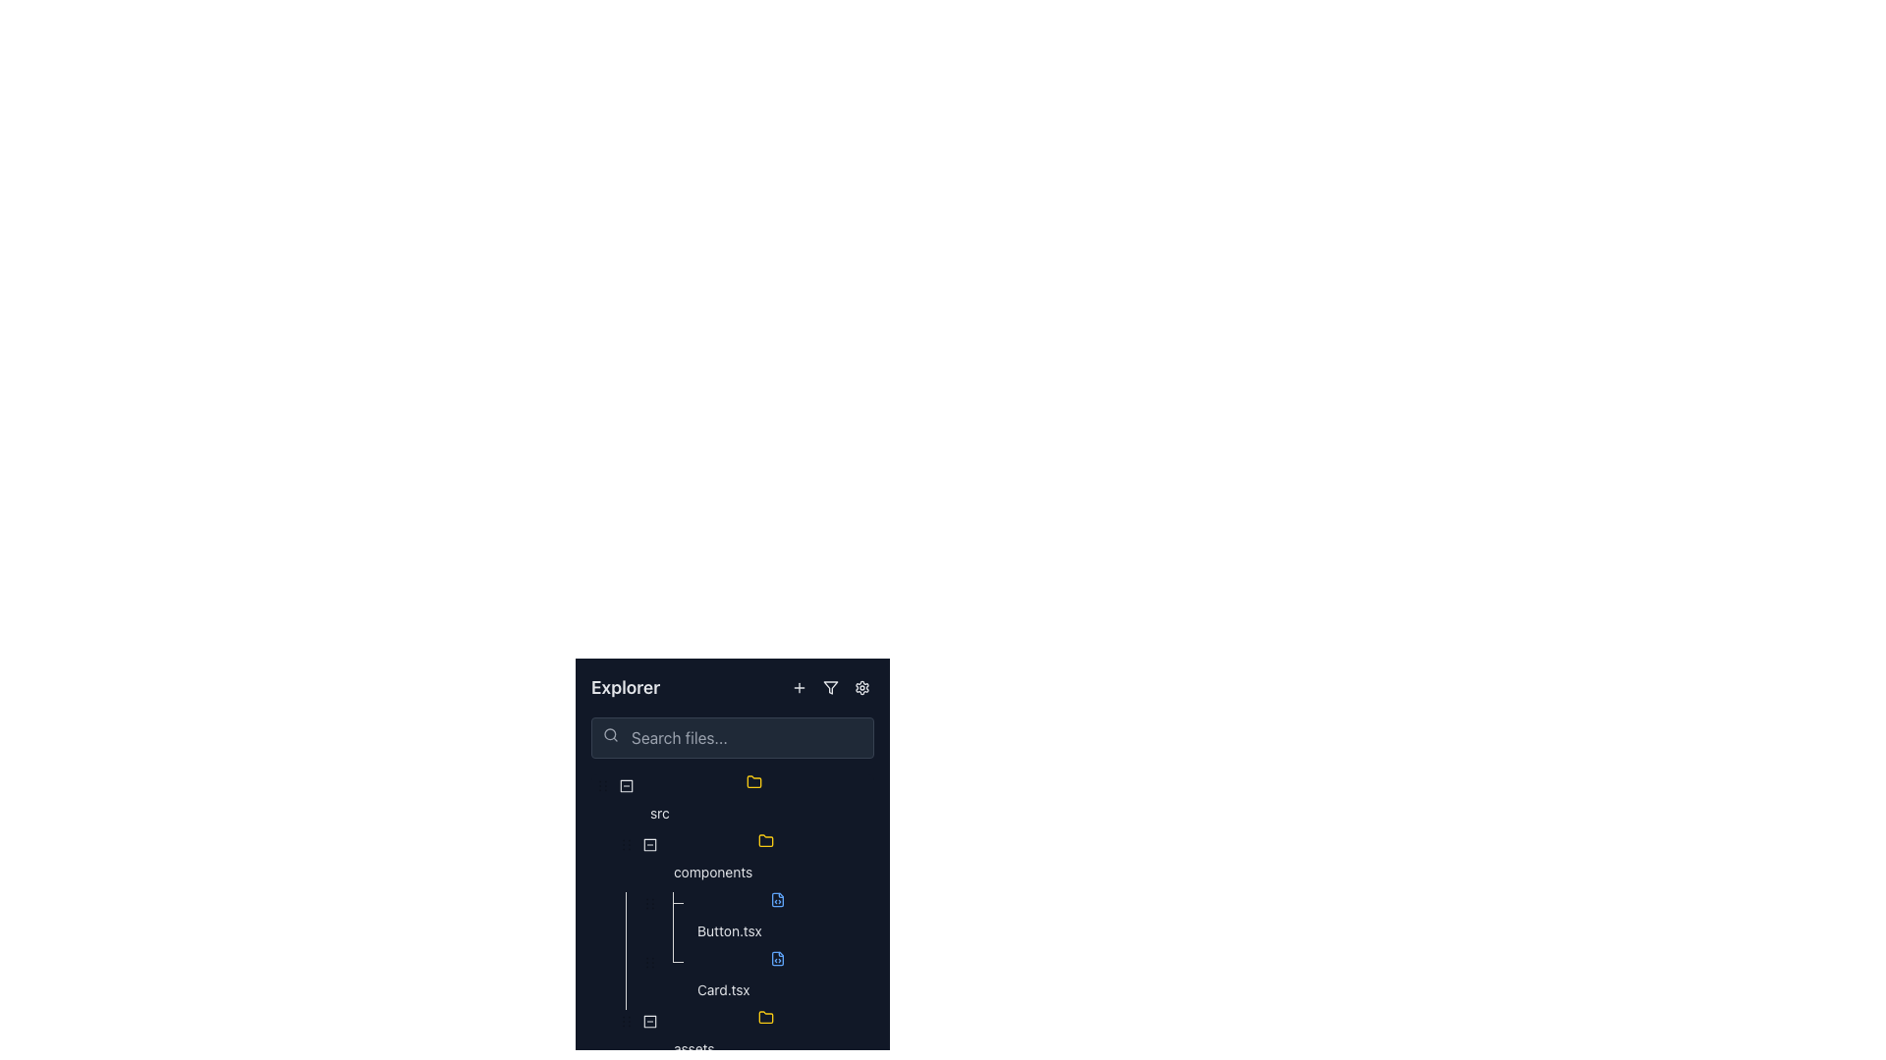  Describe the element at coordinates (781, 978) in the screenshot. I see `the 'Card.tsx' file node in the navigation tree` at that location.